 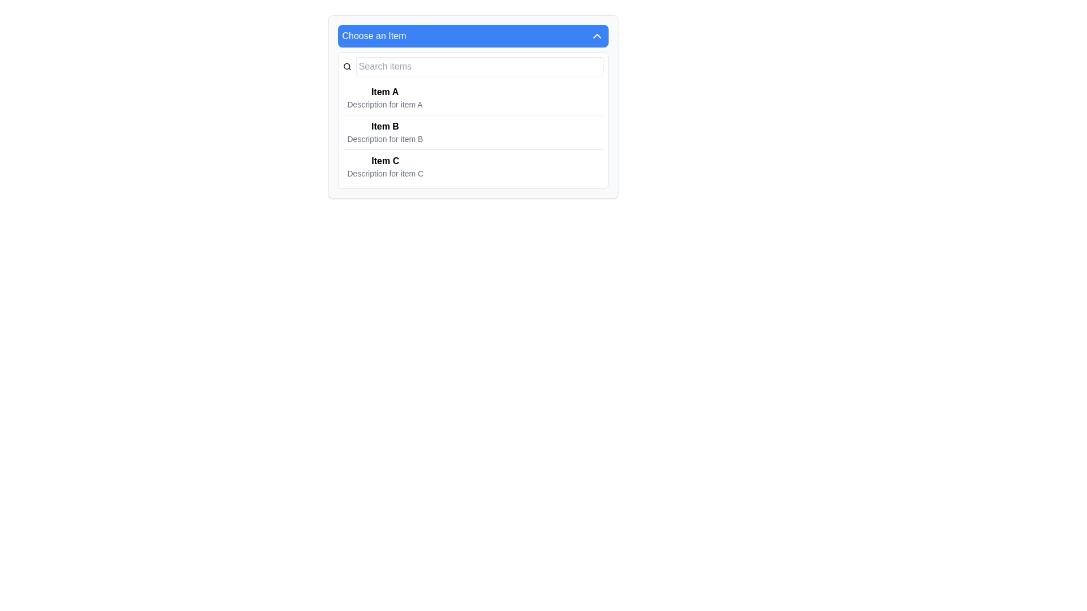 What do you see at coordinates (473, 97) in the screenshot?
I see `the first selectable item in the dropdown menu` at bounding box center [473, 97].